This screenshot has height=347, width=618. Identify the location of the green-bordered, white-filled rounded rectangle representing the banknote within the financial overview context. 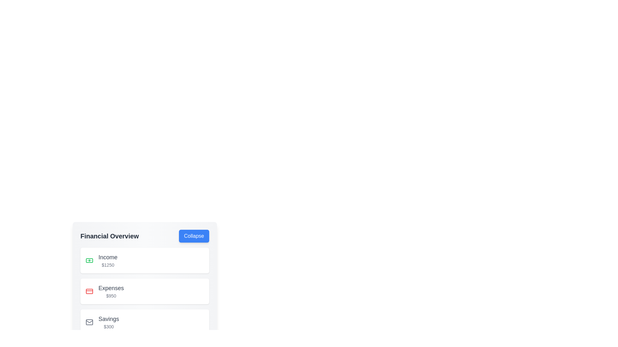
(89, 260).